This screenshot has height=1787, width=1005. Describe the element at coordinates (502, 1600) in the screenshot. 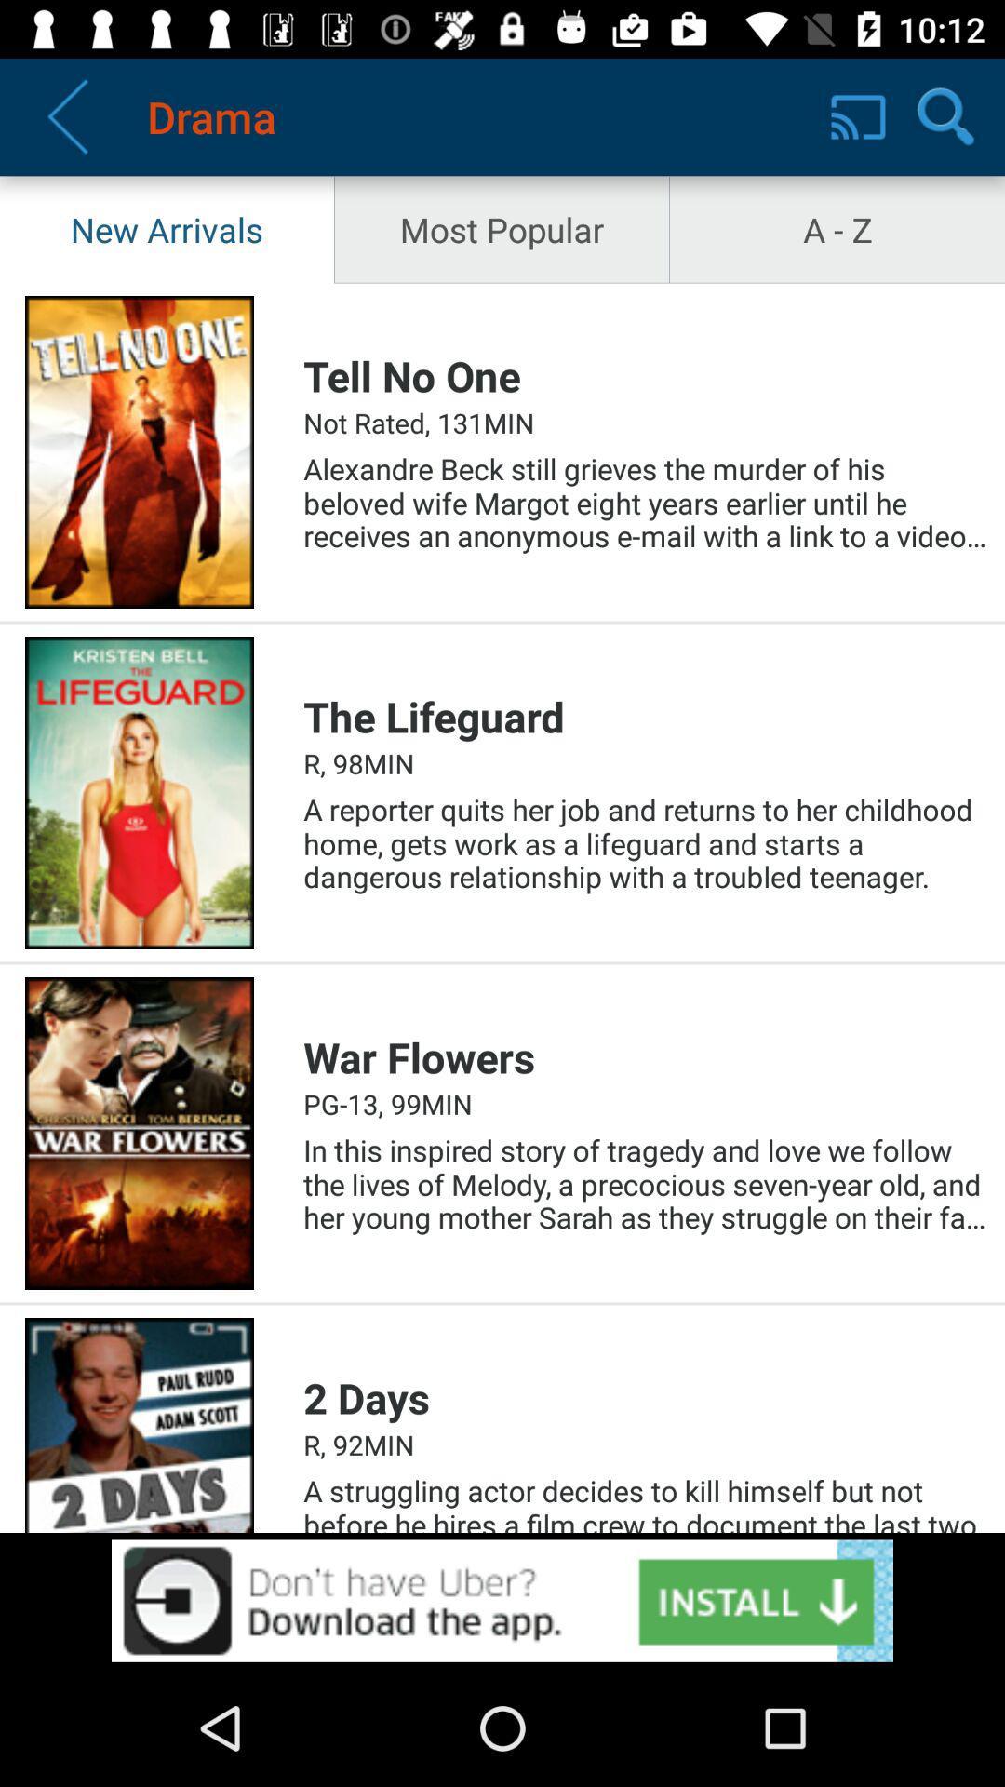

I see `advertisement in new app` at that location.